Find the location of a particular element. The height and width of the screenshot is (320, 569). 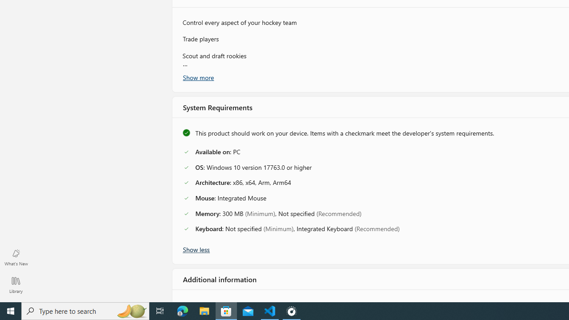

'Library' is located at coordinates (16, 284).